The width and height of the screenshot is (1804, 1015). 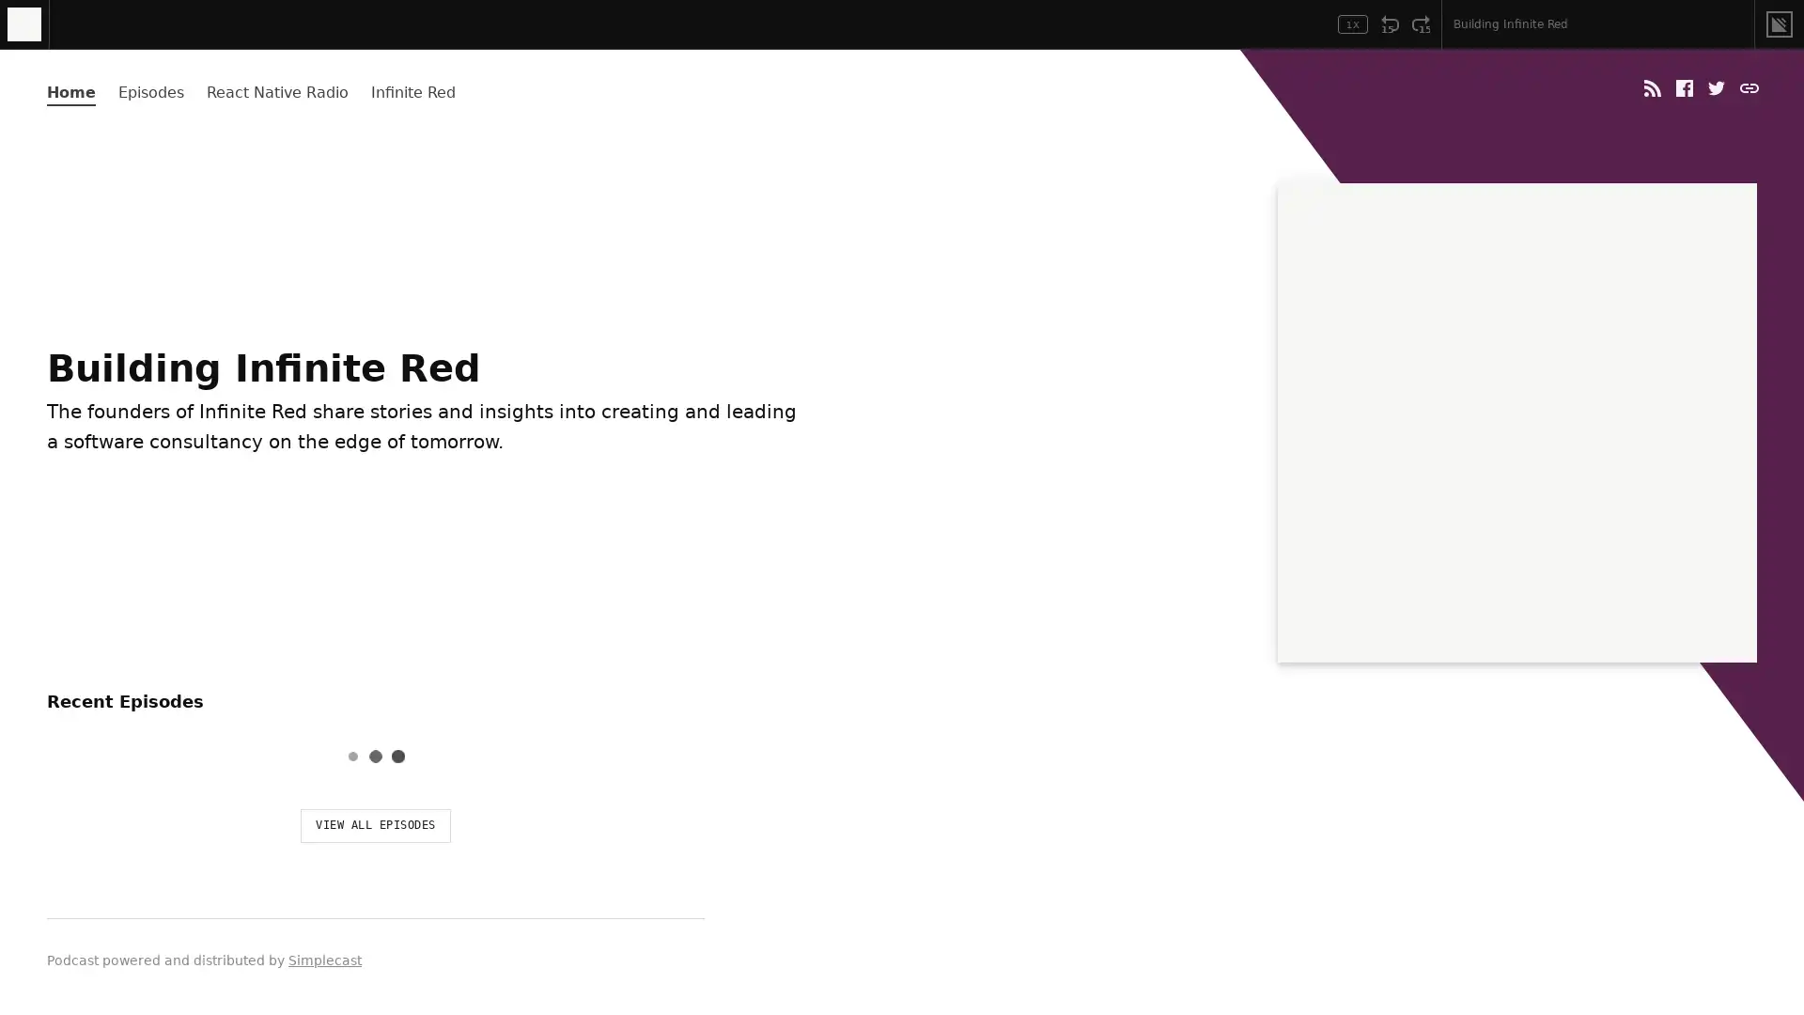 I want to click on Rewind 15 Seconds, so click(x=1390, y=24).